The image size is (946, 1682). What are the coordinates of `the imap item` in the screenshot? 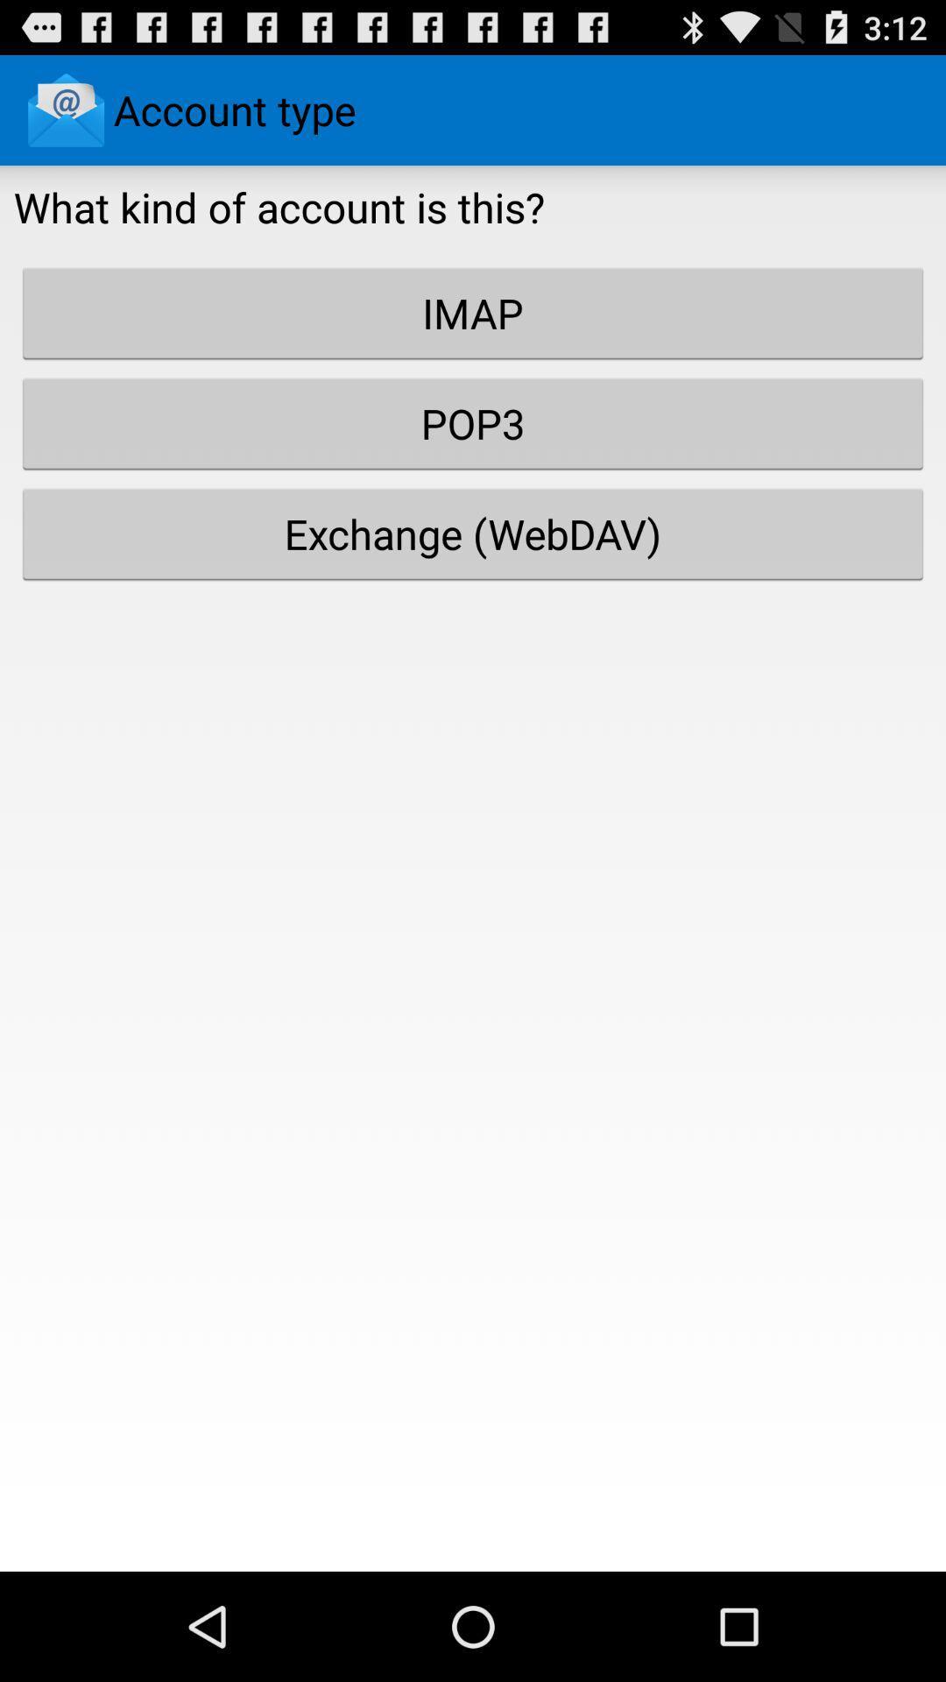 It's located at (473, 313).